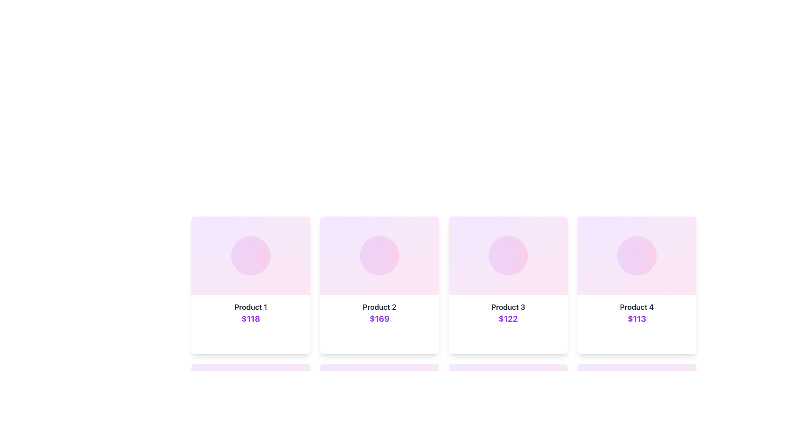 This screenshot has height=442, width=787. I want to click on the text label displaying the price '$169', which is bold and purple, located centrally within the 'Product 2' card, positioned below the product title and above the 'Add to Cart' area, so click(379, 318).